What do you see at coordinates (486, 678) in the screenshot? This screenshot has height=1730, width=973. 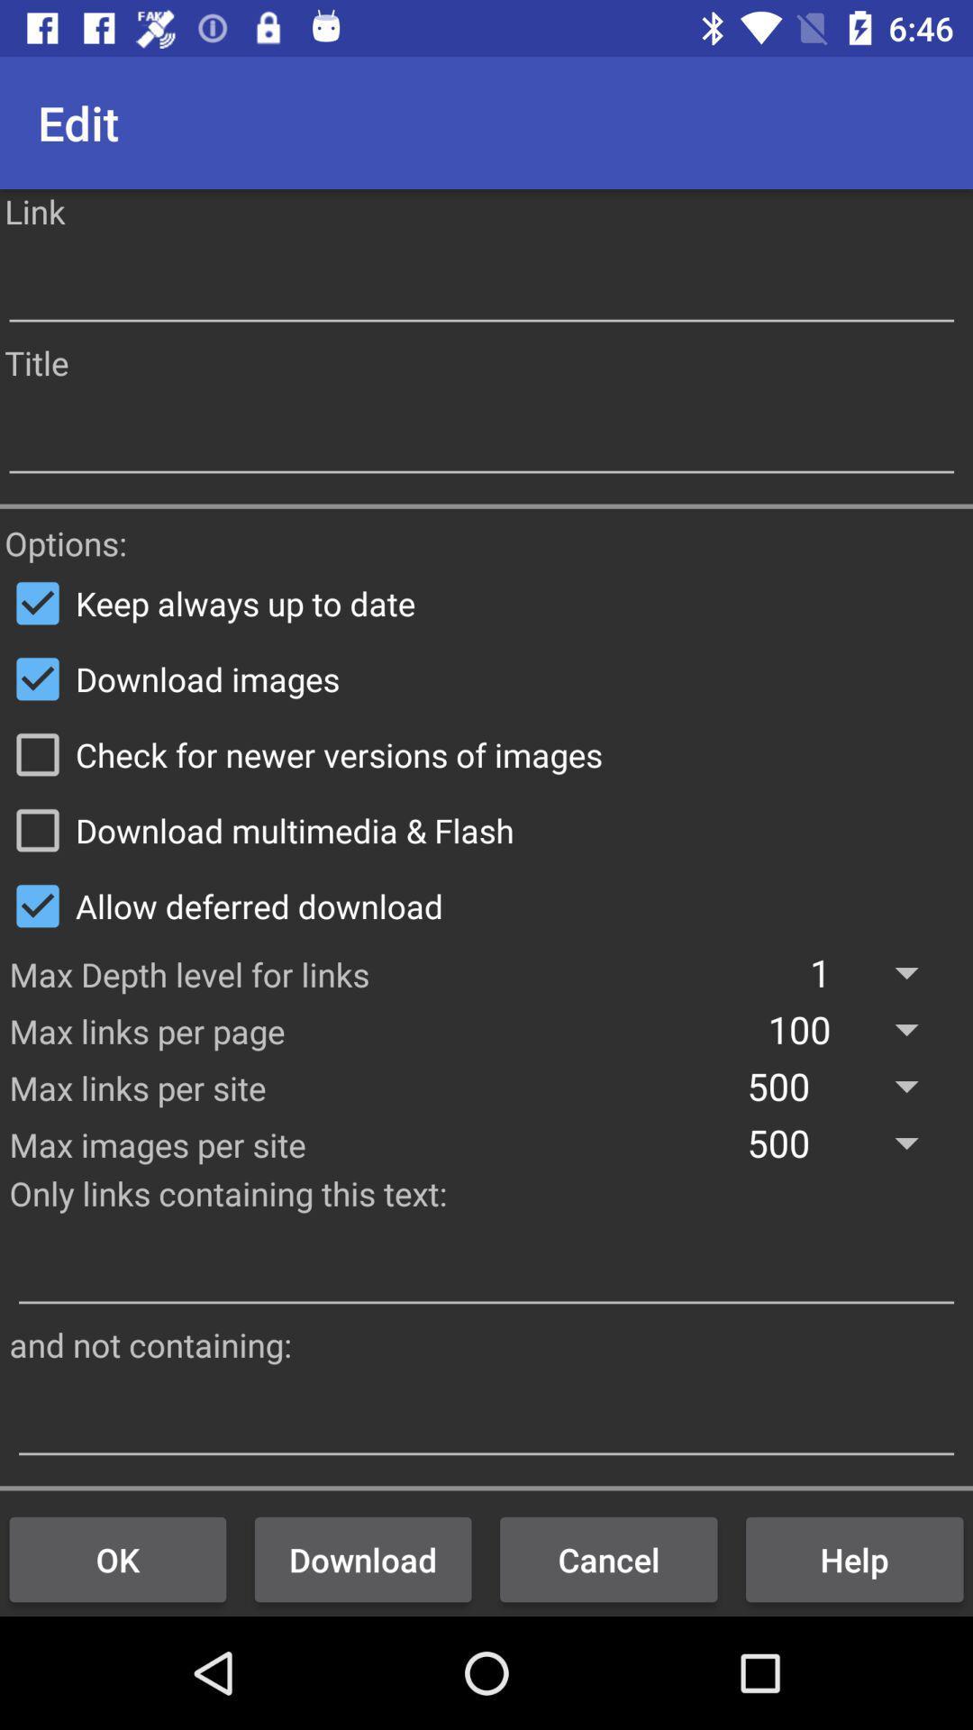 I see `checkbox below the keep always up icon` at bounding box center [486, 678].